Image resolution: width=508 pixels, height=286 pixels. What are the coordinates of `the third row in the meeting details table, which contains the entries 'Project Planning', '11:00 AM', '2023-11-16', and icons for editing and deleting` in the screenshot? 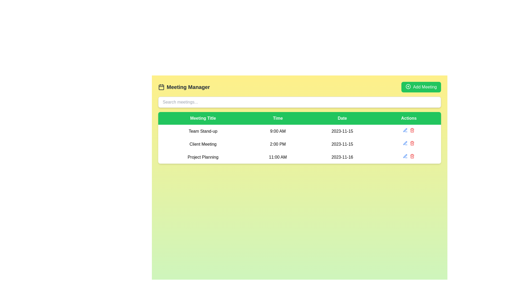 It's located at (300, 157).